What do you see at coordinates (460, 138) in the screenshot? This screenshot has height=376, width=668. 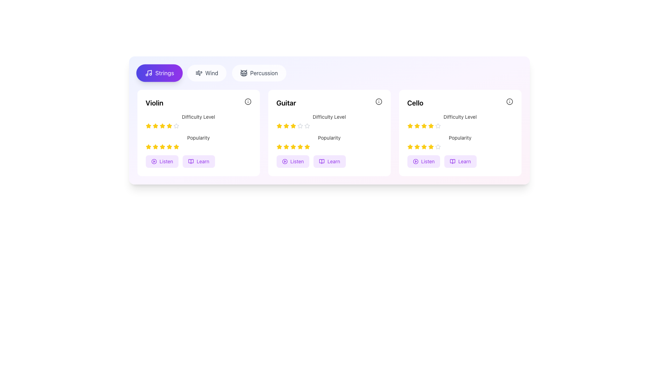 I see `the 'Popularity' text label which is centrally aligned underneath a row of yellow stars in the third card dedicated to 'Cello'` at bounding box center [460, 138].